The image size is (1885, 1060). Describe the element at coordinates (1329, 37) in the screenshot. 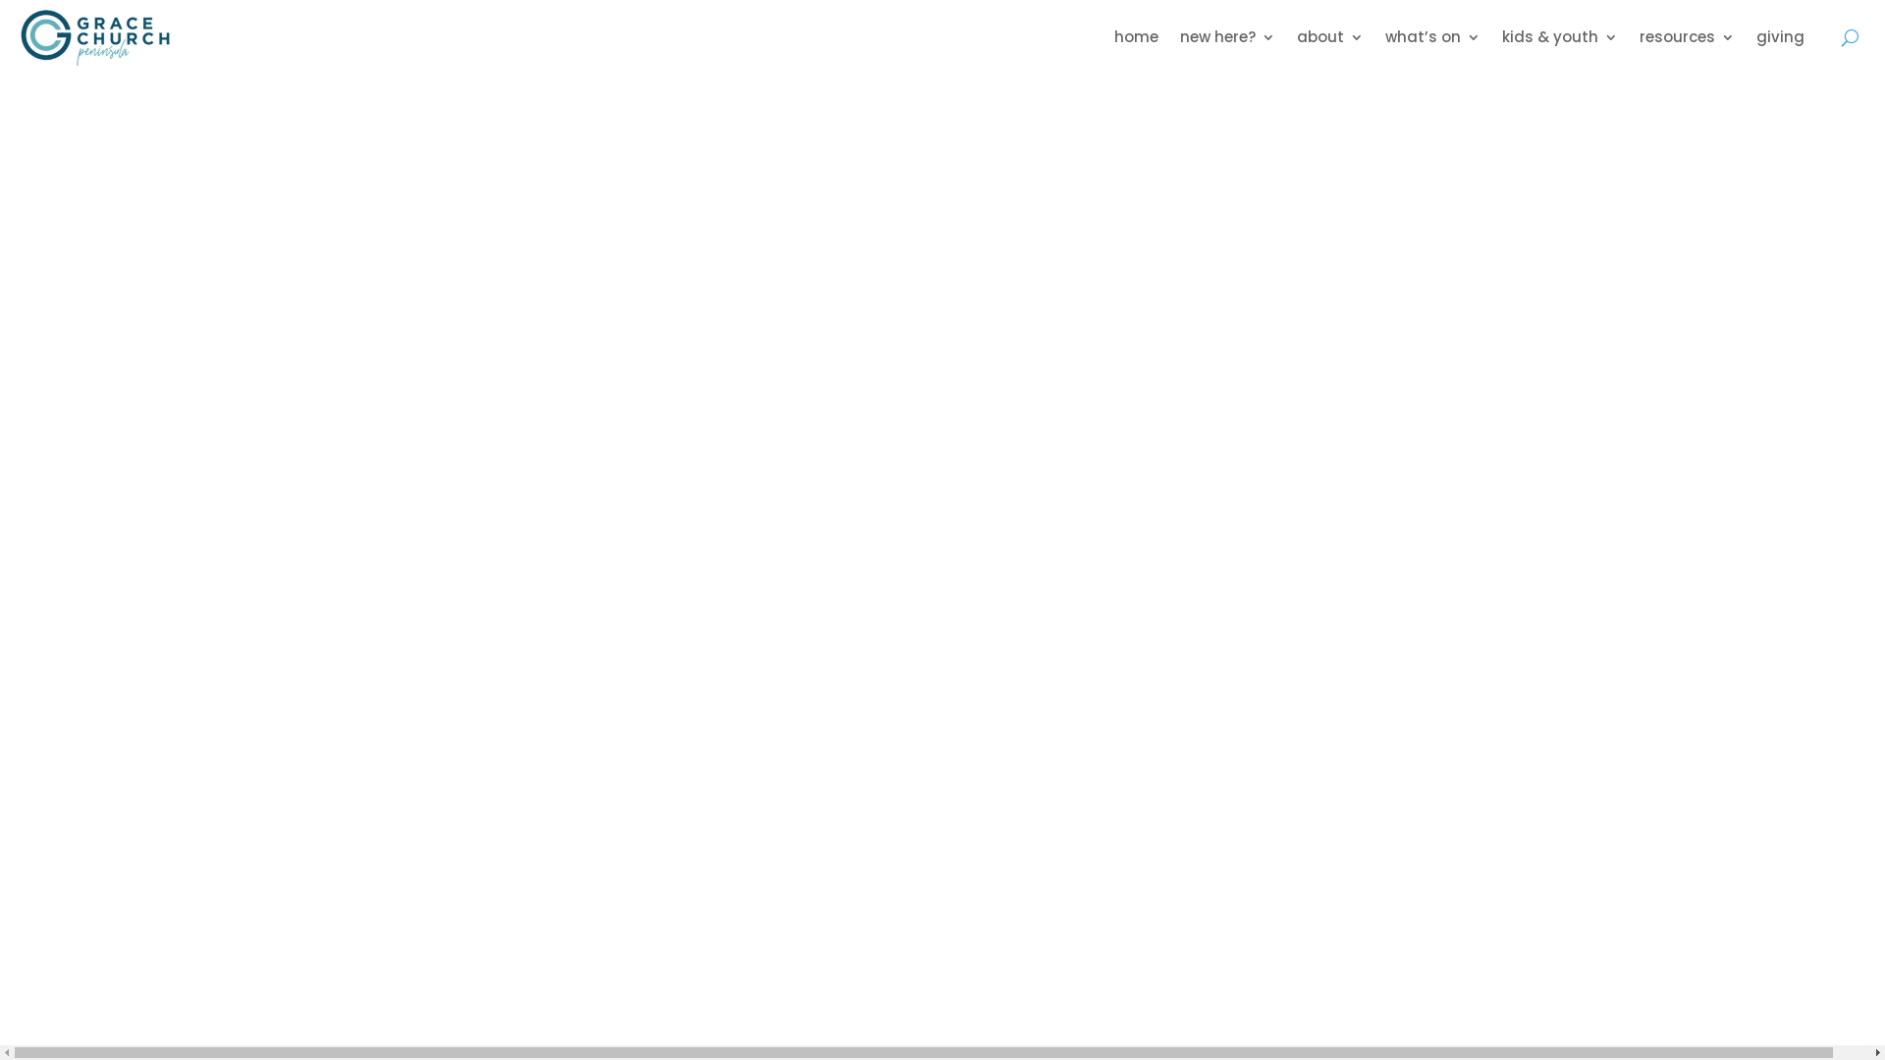

I see `'about'` at that location.